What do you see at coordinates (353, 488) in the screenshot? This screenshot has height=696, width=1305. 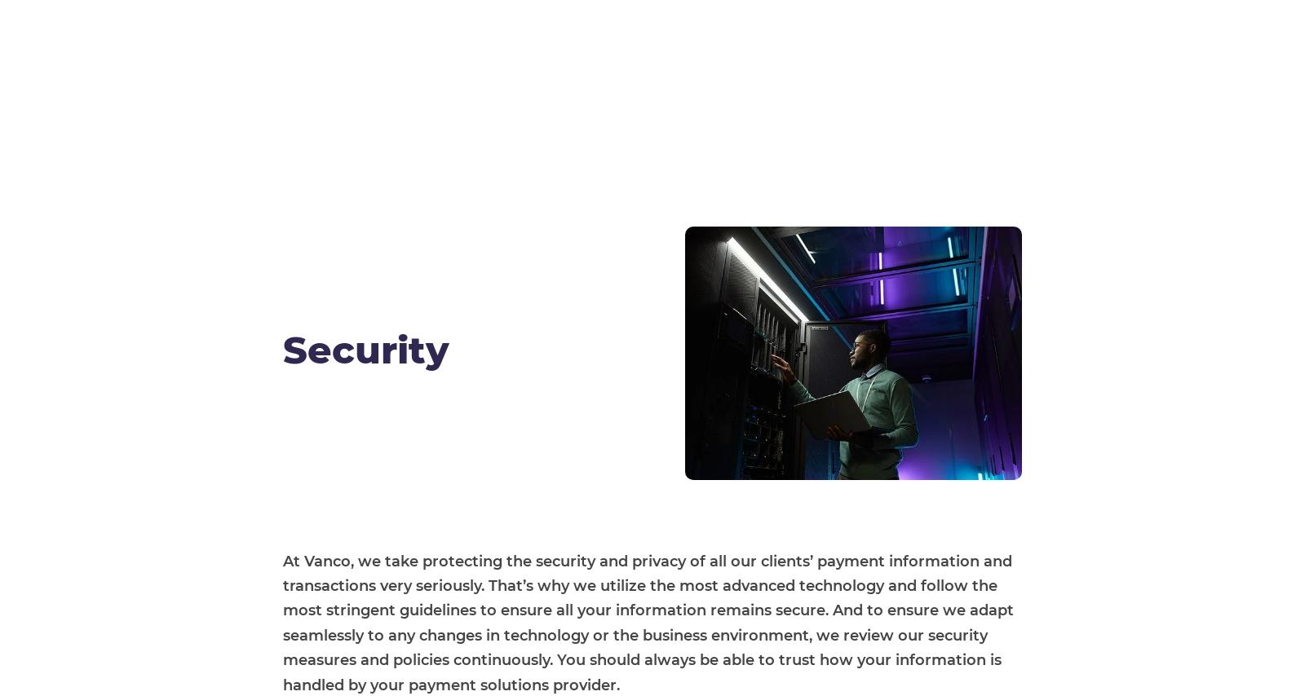 I see `'K-12 Schools'` at bounding box center [353, 488].